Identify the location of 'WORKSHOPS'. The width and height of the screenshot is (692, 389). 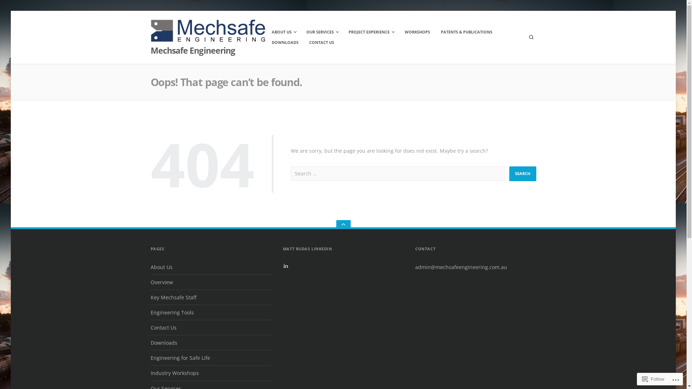
(417, 31).